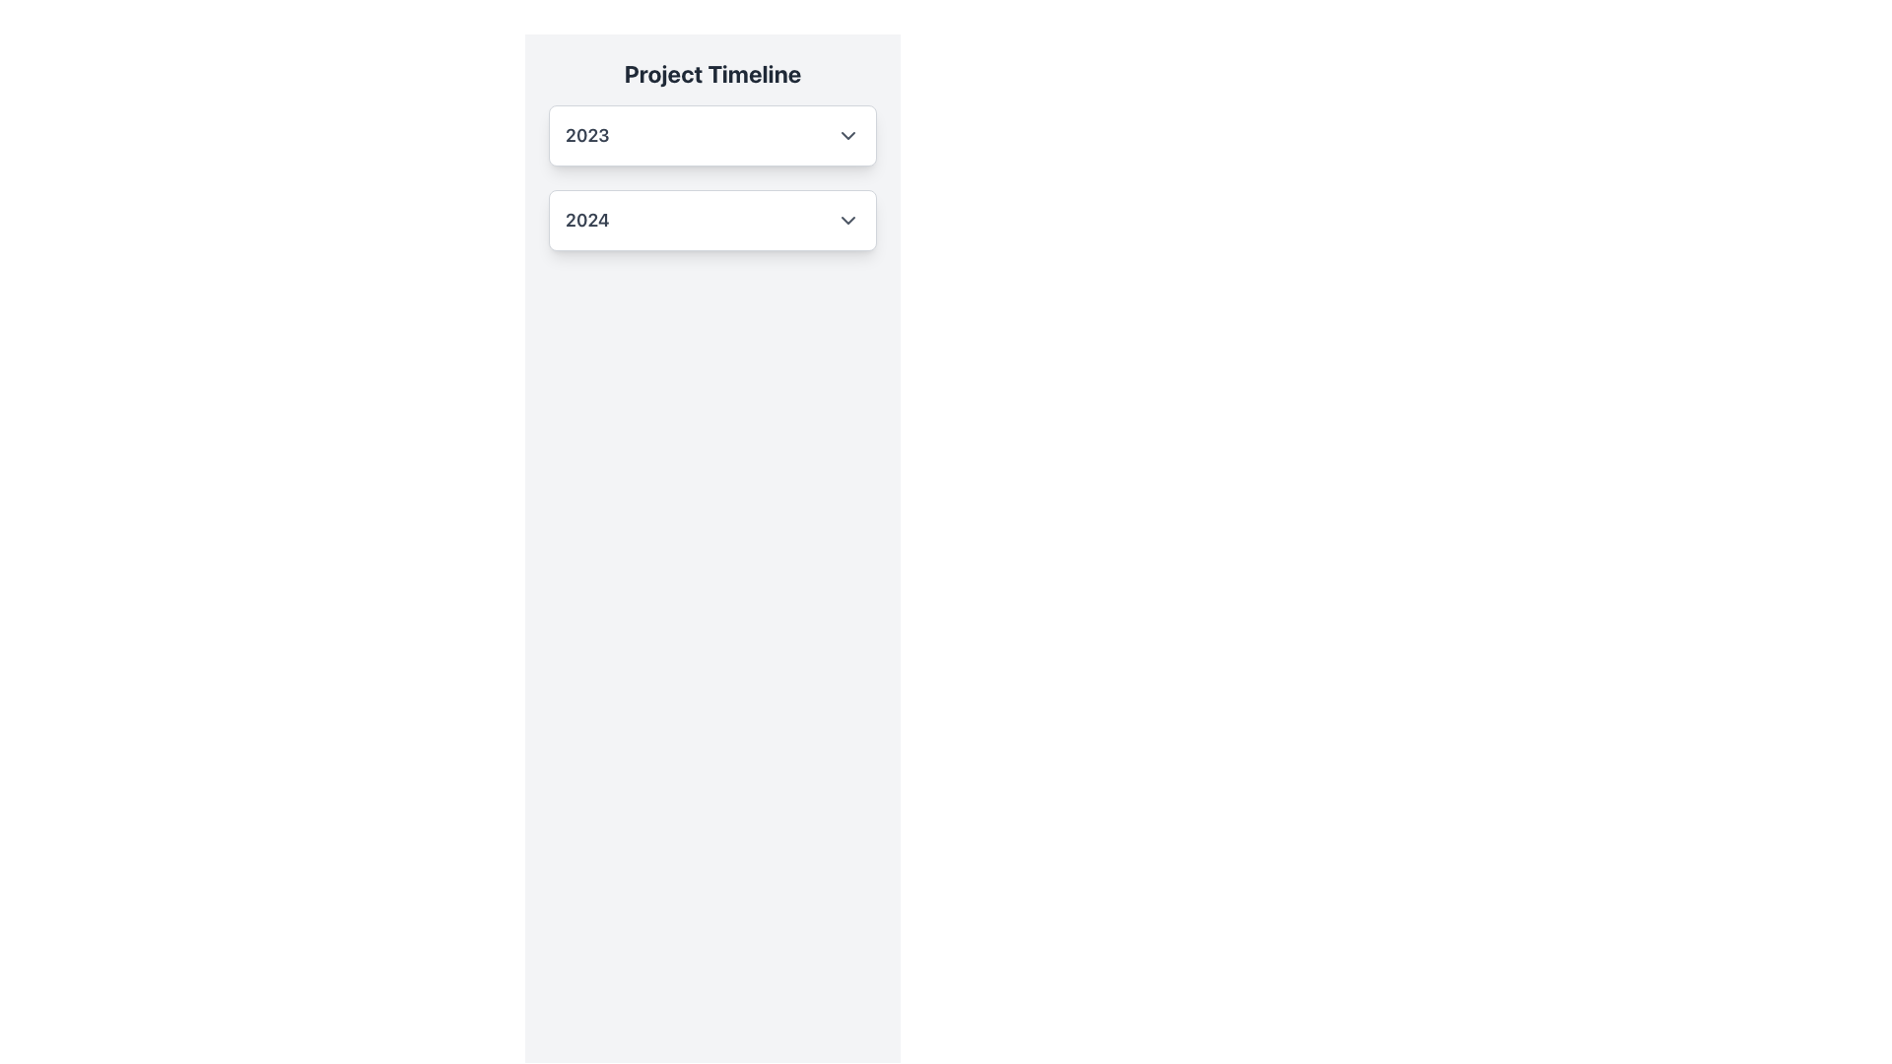 The height and width of the screenshot is (1064, 1892). I want to click on the Dropdown button displaying '2023' for keyboard navigation, so click(711, 135).